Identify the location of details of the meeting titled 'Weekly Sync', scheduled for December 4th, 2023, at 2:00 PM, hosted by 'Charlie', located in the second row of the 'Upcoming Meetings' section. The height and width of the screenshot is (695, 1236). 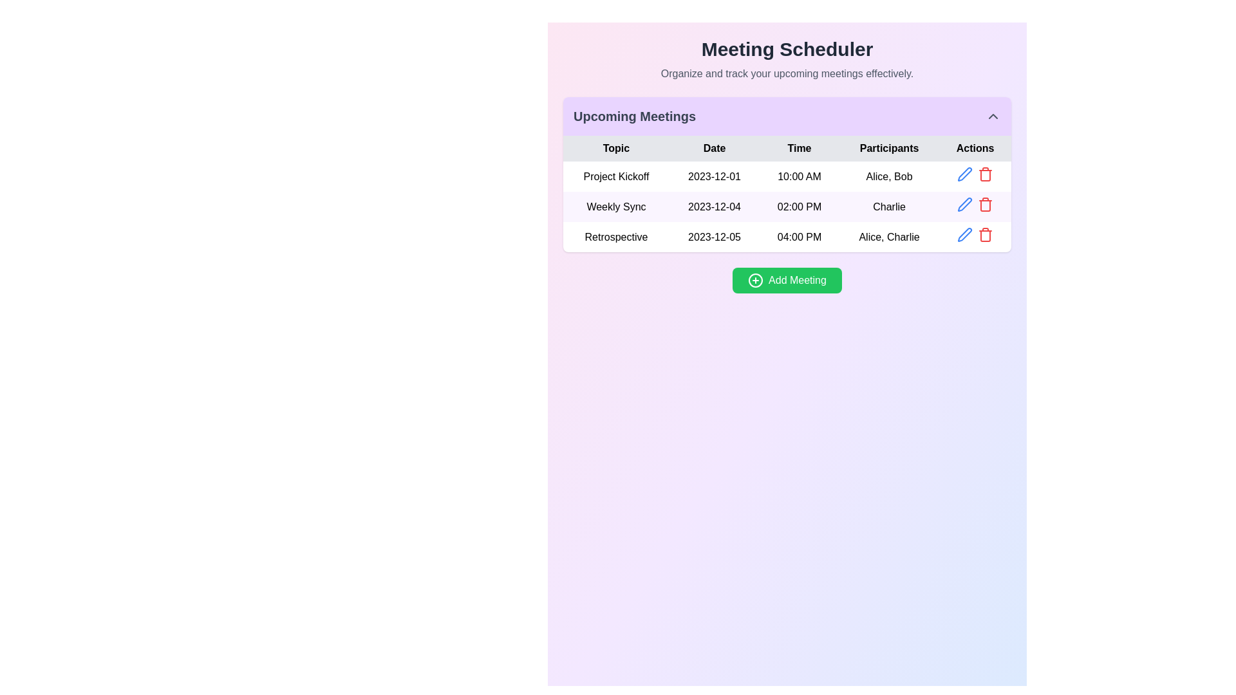
(787, 206).